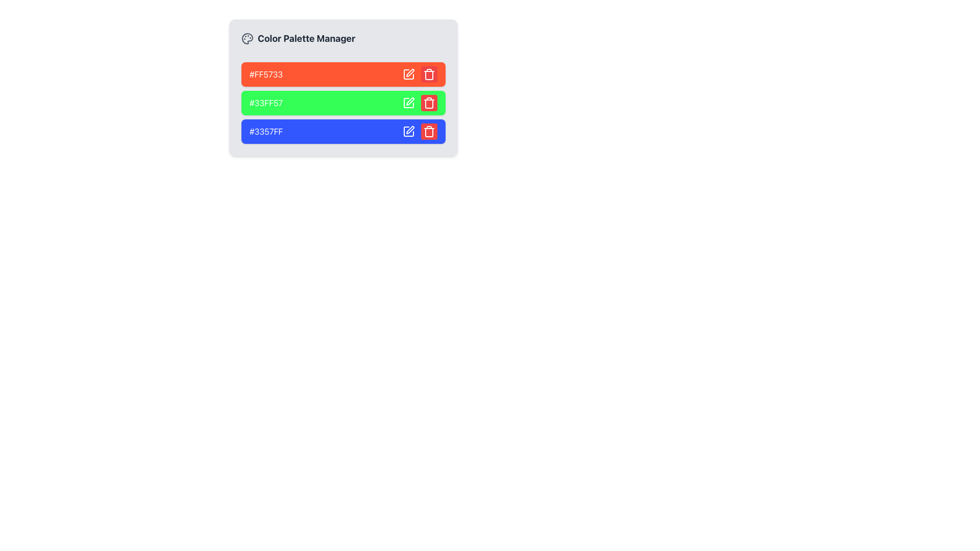  Describe the element at coordinates (410, 129) in the screenshot. I see `the pen-like icon button representing the edit action, located to the right of the red color swatch labeled '#FF5733'` at that location.